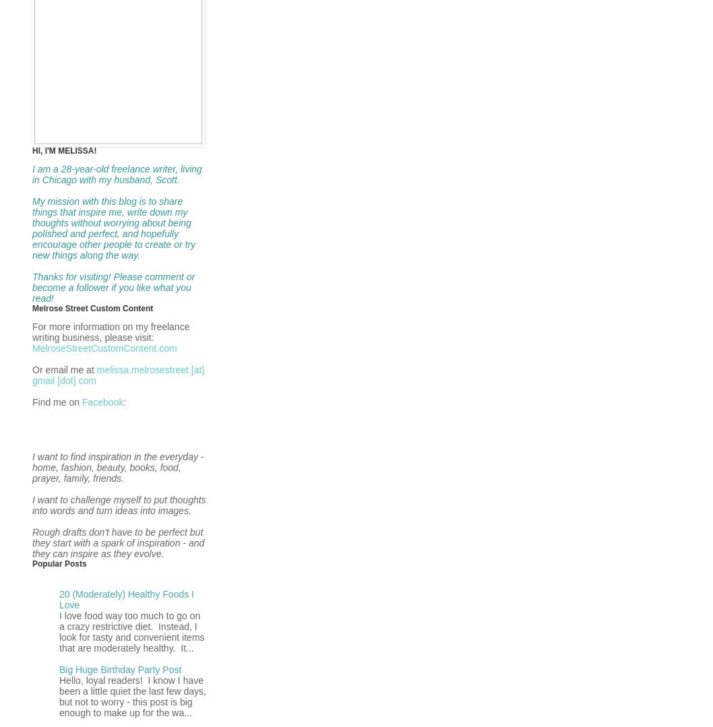  Describe the element at coordinates (32, 228) in the screenshot. I see `'My mission with this blog is to share things that inspire me, write down my thoughts without worrying about being polished and perfect, and hopefully encourage other people to create or try new things along the way.'` at that location.